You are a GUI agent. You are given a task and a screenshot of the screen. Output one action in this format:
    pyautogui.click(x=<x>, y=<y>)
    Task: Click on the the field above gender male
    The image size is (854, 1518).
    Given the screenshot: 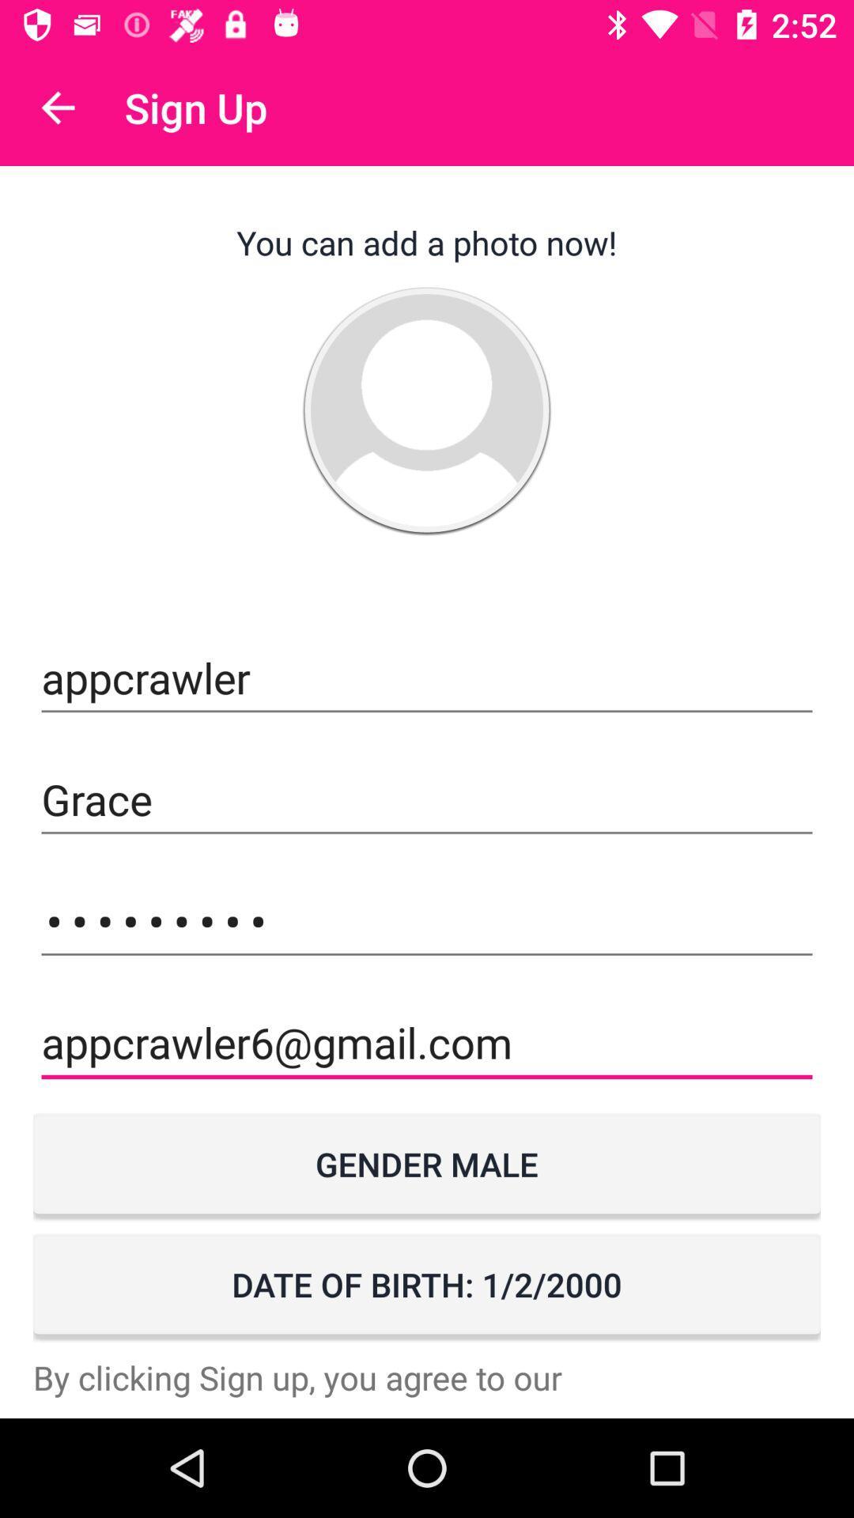 What is the action you would take?
    pyautogui.click(x=427, y=1043)
    